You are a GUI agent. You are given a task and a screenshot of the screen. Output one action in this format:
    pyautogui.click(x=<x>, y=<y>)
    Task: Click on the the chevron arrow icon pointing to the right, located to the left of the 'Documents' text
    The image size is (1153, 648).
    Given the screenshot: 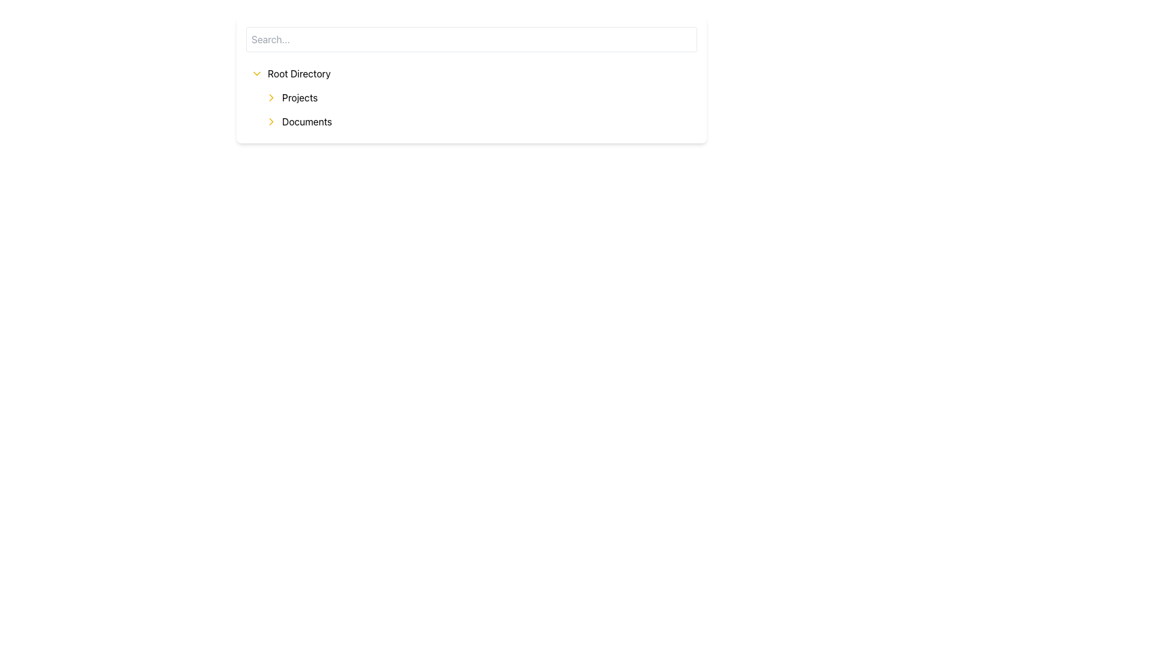 What is the action you would take?
    pyautogui.click(x=270, y=122)
    